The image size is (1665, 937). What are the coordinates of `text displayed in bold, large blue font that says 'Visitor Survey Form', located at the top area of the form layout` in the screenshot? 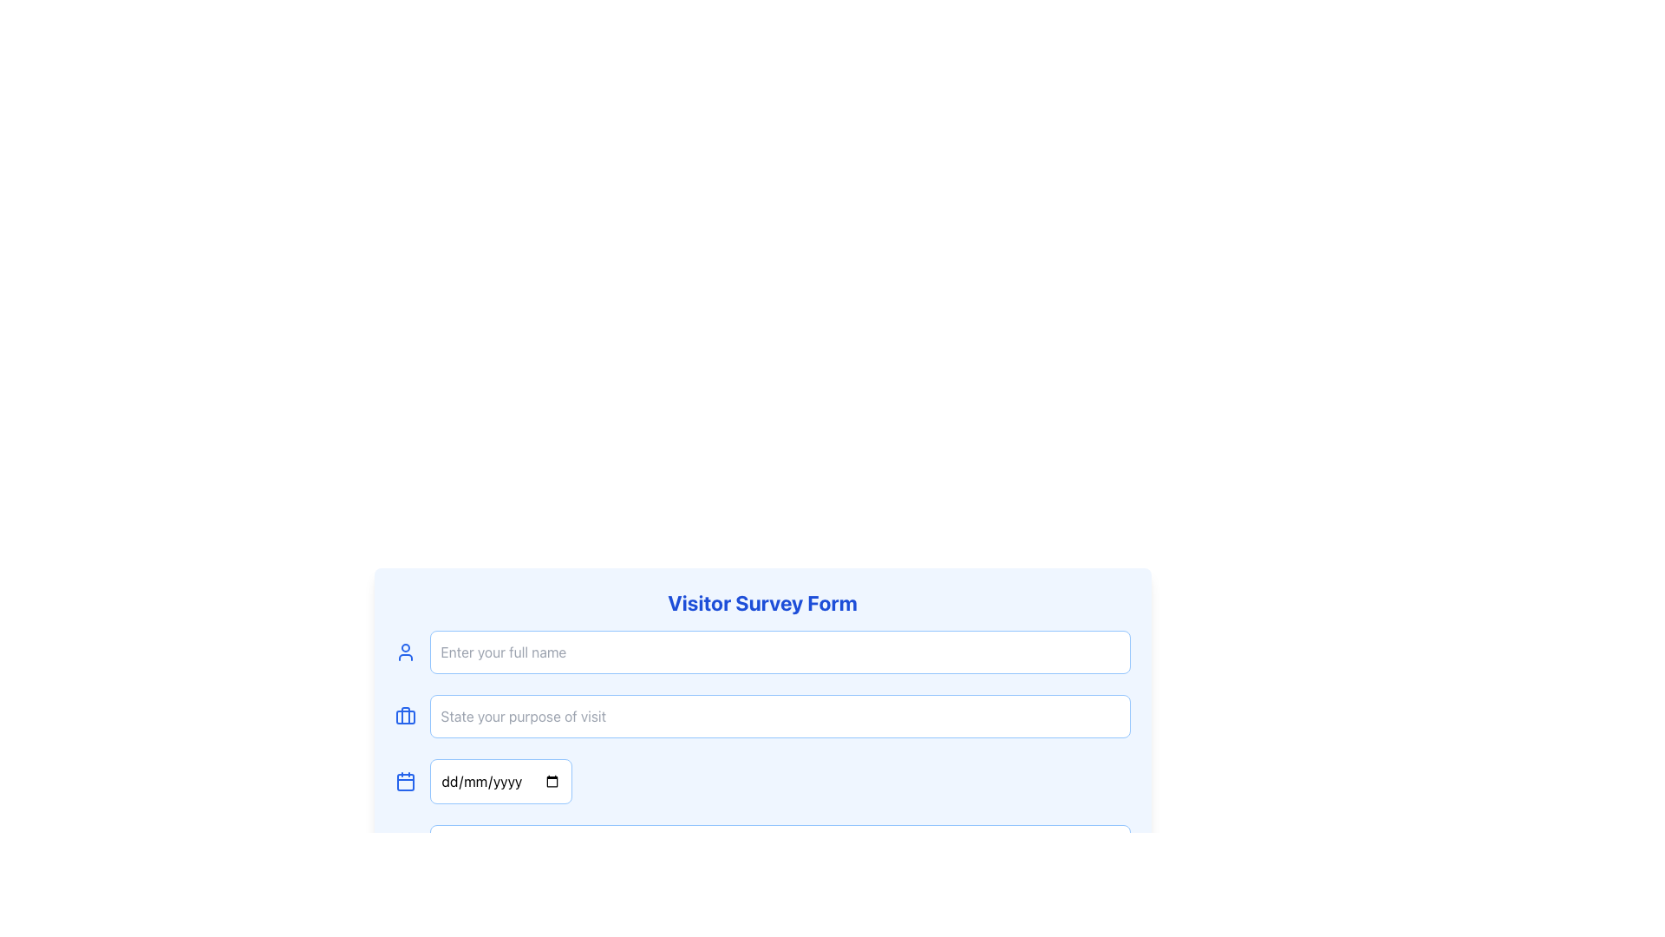 It's located at (762, 601).